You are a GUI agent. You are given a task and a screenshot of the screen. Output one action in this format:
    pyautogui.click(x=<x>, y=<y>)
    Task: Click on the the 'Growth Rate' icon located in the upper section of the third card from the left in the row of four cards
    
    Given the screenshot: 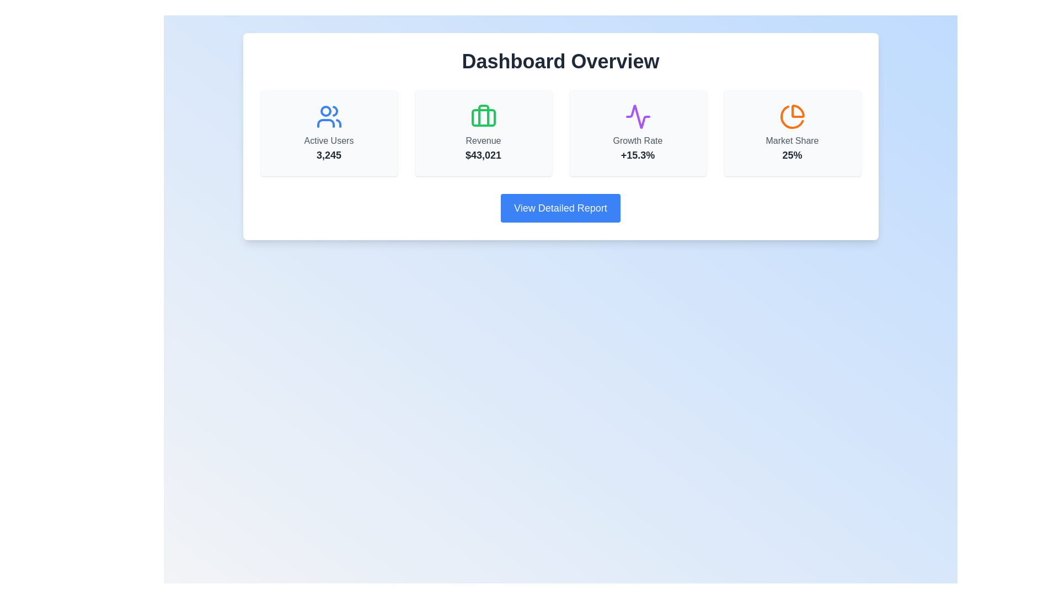 What is the action you would take?
    pyautogui.click(x=638, y=117)
    